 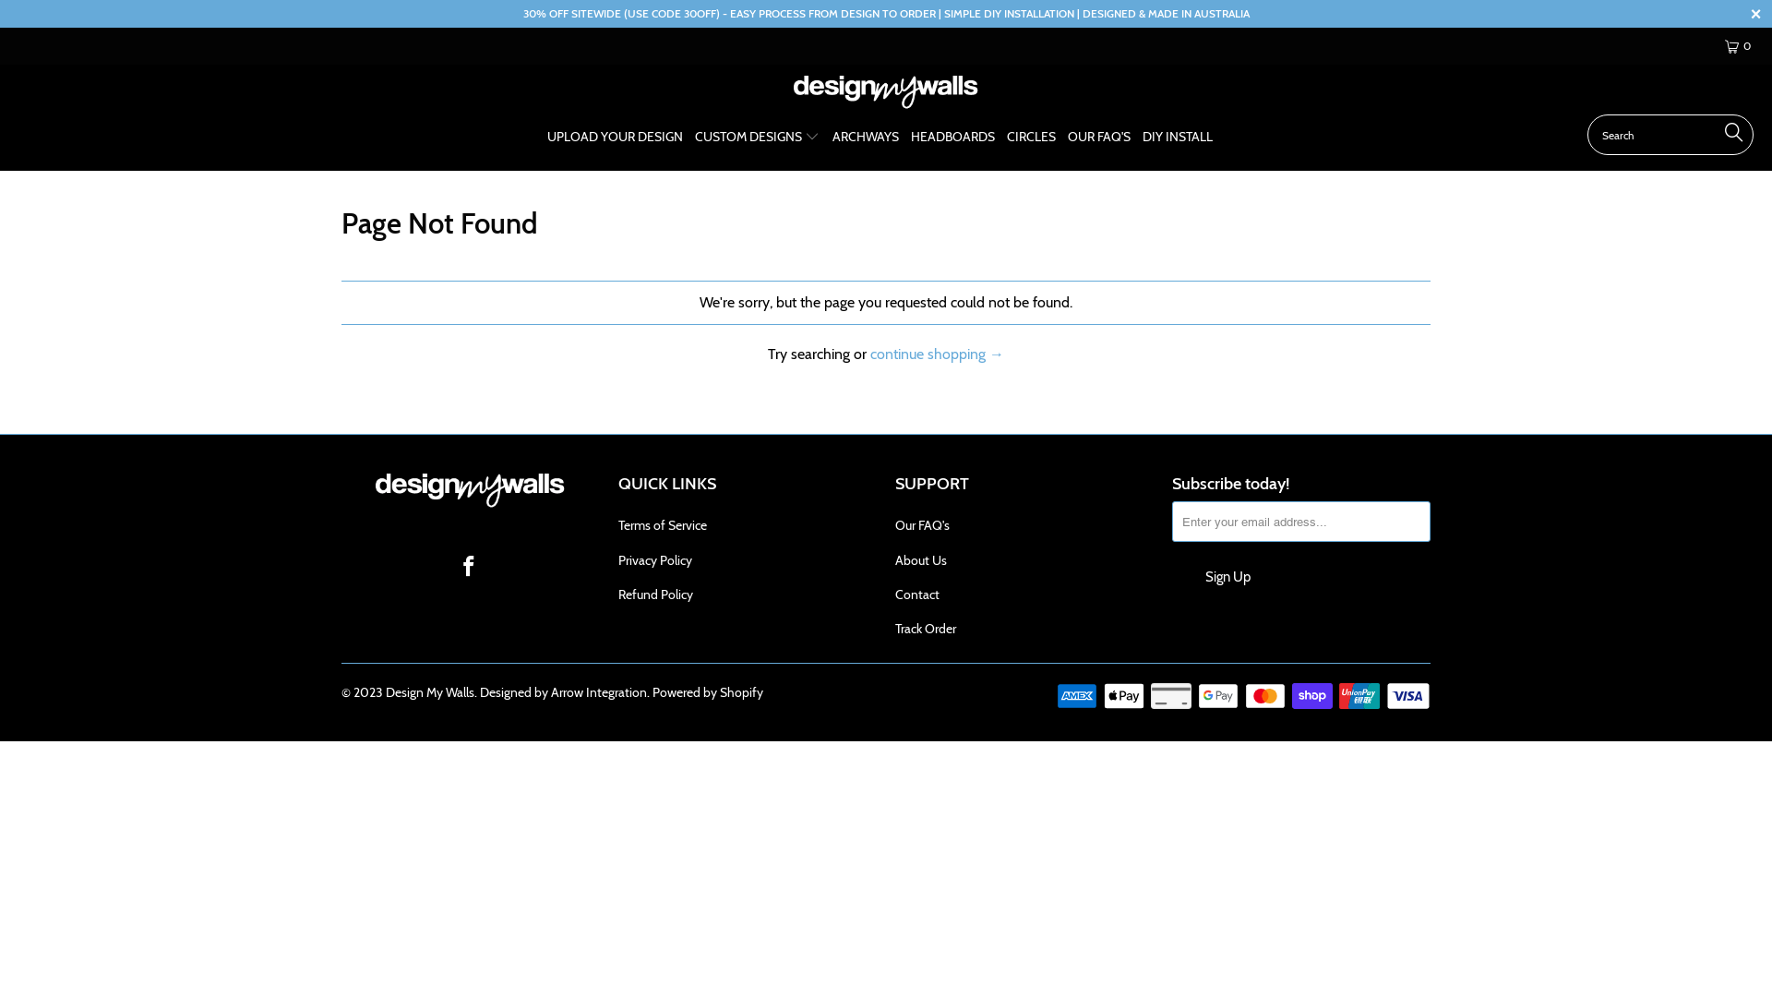 What do you see at coordinates (922, 525) in the screenshot?
I see `'Our FAQ's'` at bounding box center [922, 525].